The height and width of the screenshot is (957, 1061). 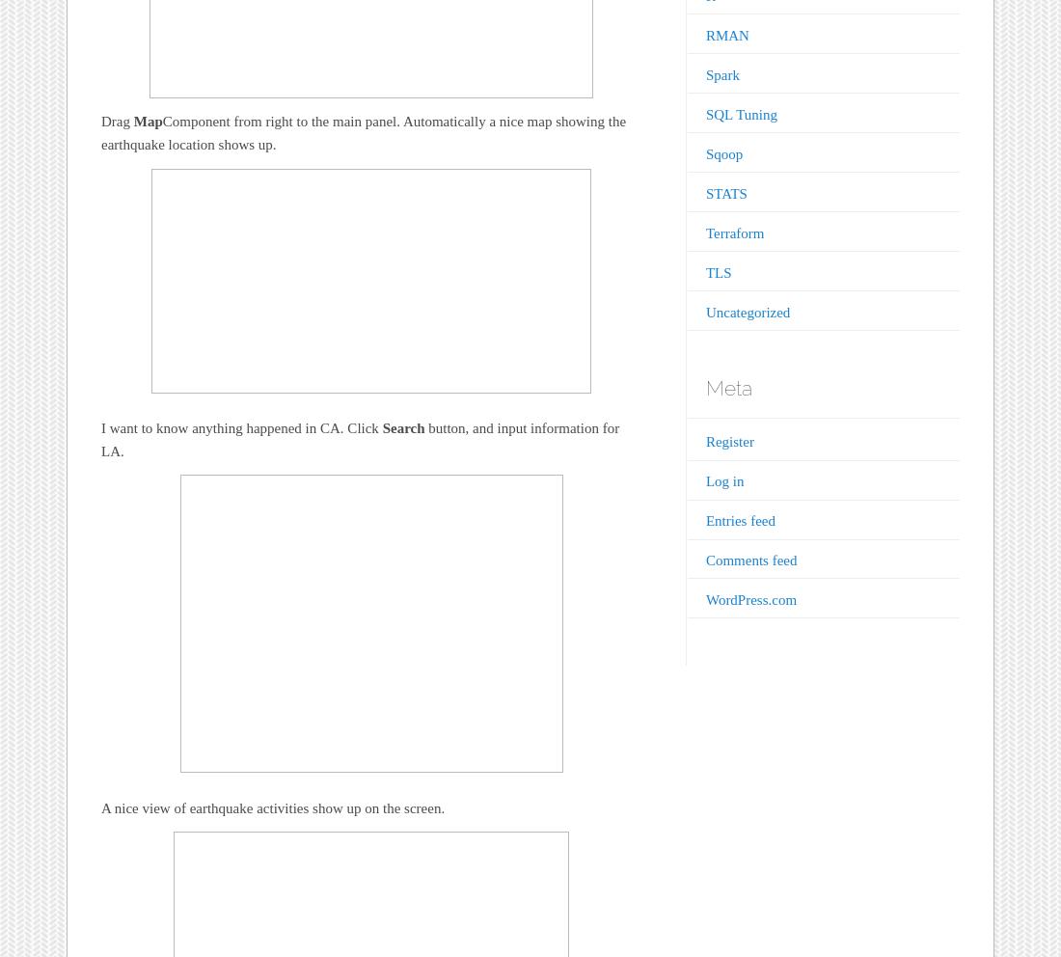 I want to click on 'Spark', so click(x=721, y=73).